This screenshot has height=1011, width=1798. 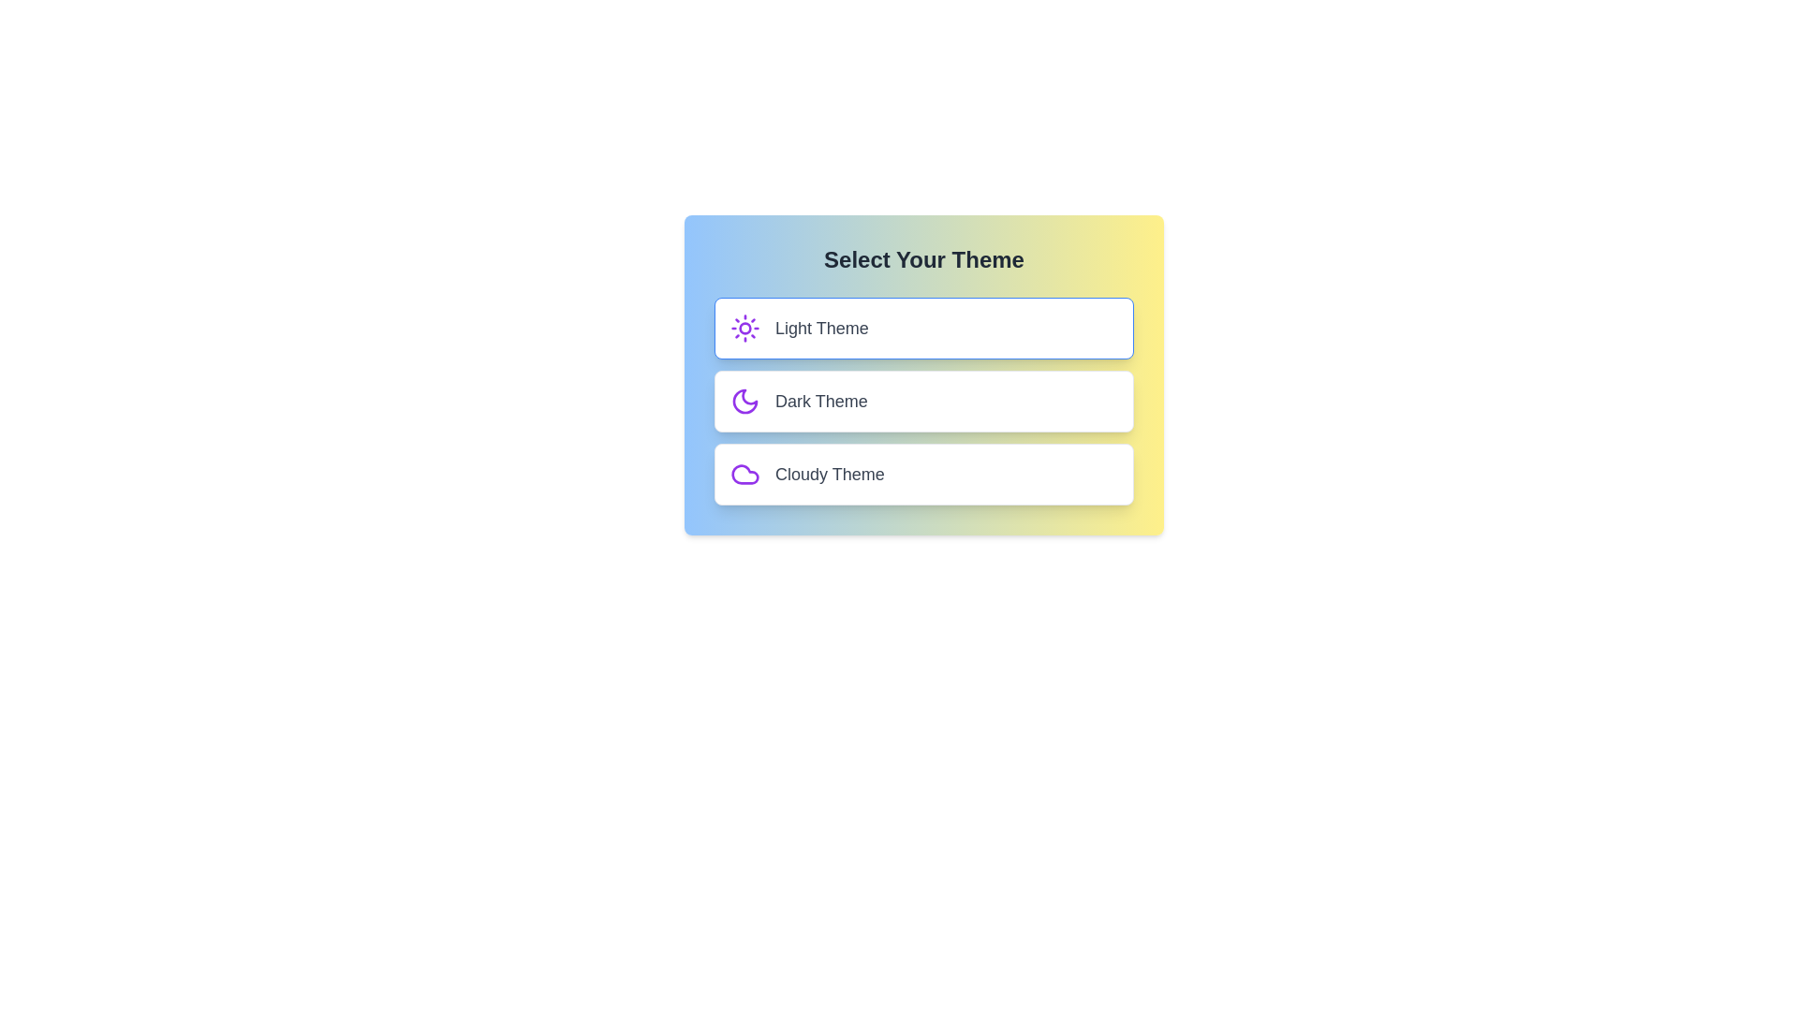 What do you see at coordinates (744, 400) in the screenshot?
I see `the decorative graphical icon representing the 'Dark Theme' choice, which is located to the left of the 'Dark Theme' text option in the middle option box of the theme options list` at bounding box center [744, 400].